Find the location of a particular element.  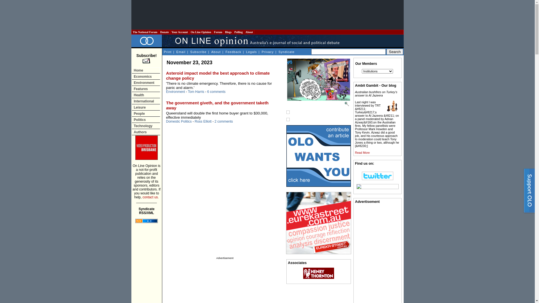

'The government giveth, and the government taketh away' is located at coordinates (166, 105).